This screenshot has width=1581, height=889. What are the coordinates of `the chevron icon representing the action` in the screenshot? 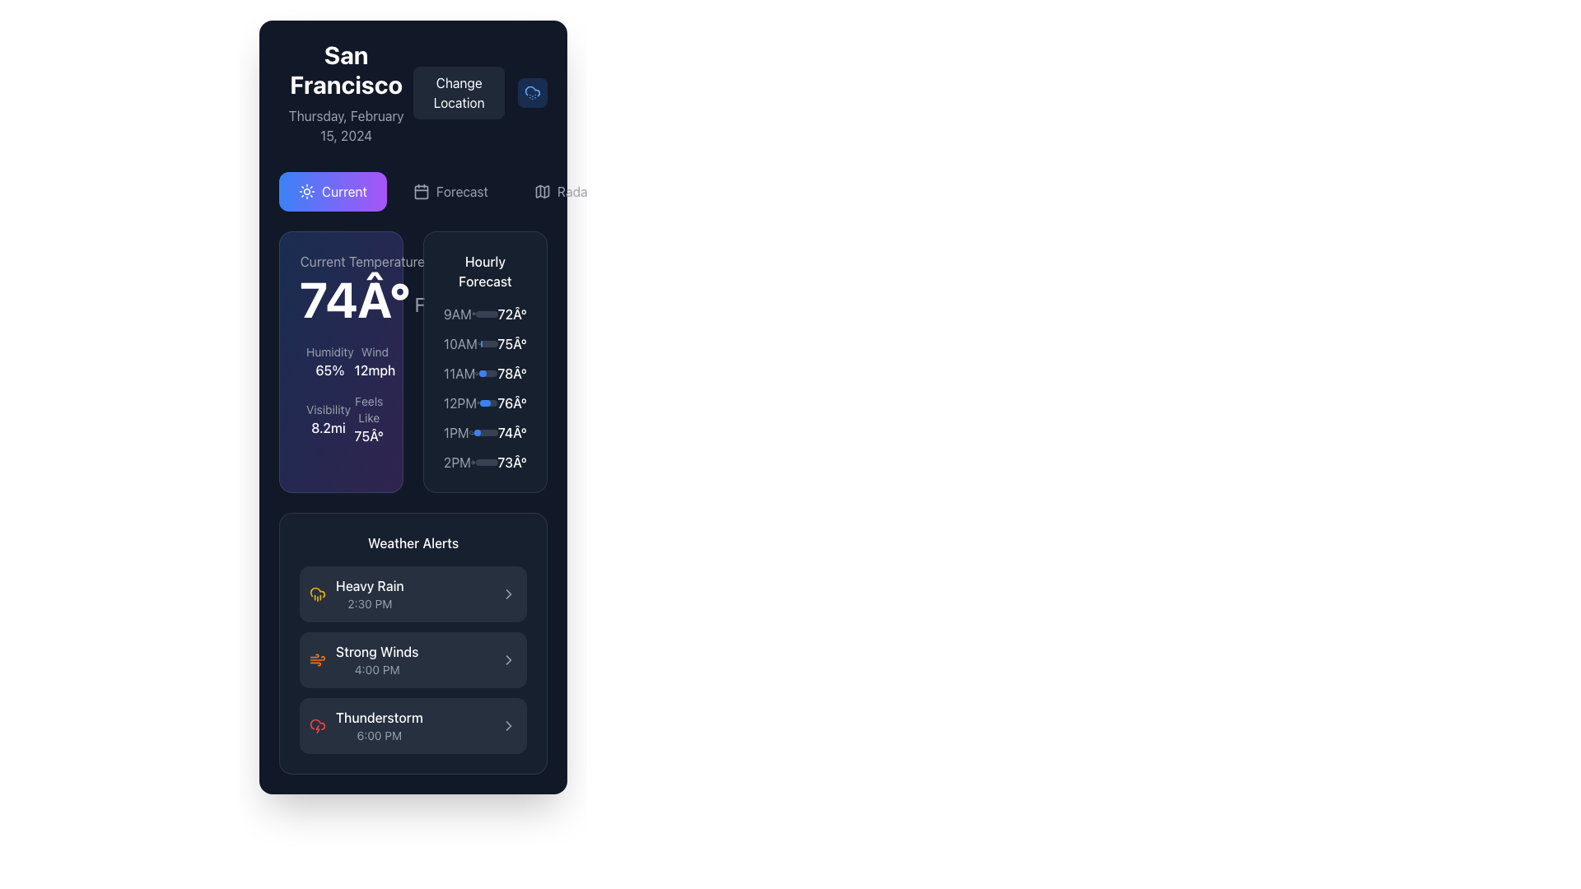 It's located at (508, 593).